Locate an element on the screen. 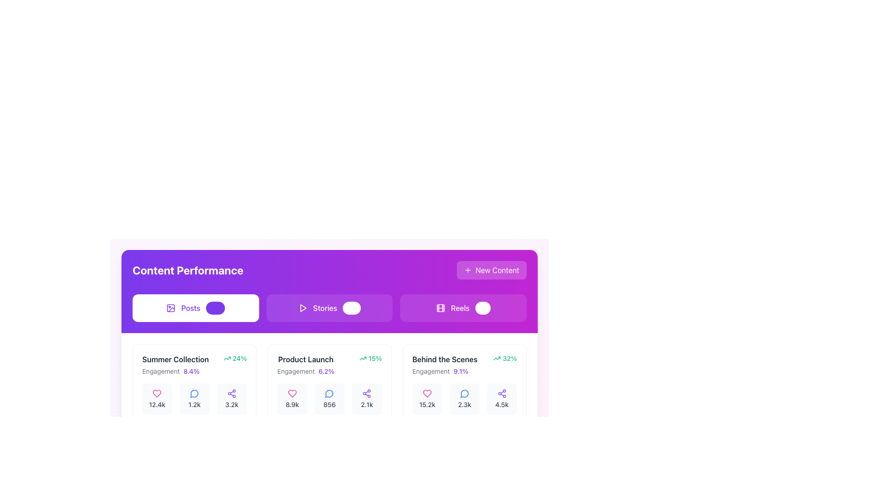 This screenshot has height=499, width=887. the comment icon located in the 'Product Launch' column of the 'Content Performance' section is located at coordinates (329, 394).